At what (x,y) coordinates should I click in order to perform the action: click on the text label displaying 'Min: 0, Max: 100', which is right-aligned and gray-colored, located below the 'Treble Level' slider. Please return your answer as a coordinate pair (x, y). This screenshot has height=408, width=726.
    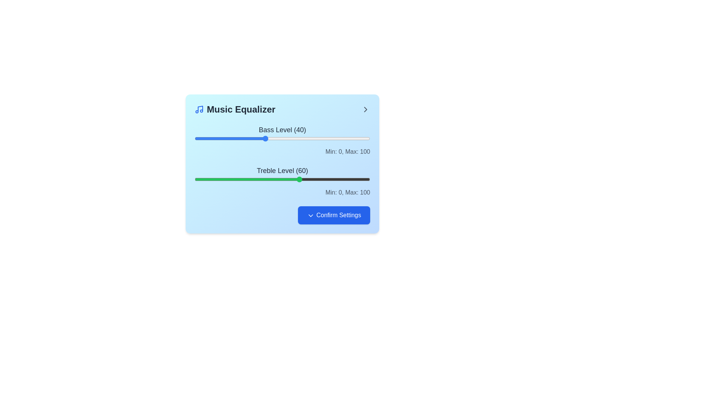
    Looking at the image, I should click on (282, 192).